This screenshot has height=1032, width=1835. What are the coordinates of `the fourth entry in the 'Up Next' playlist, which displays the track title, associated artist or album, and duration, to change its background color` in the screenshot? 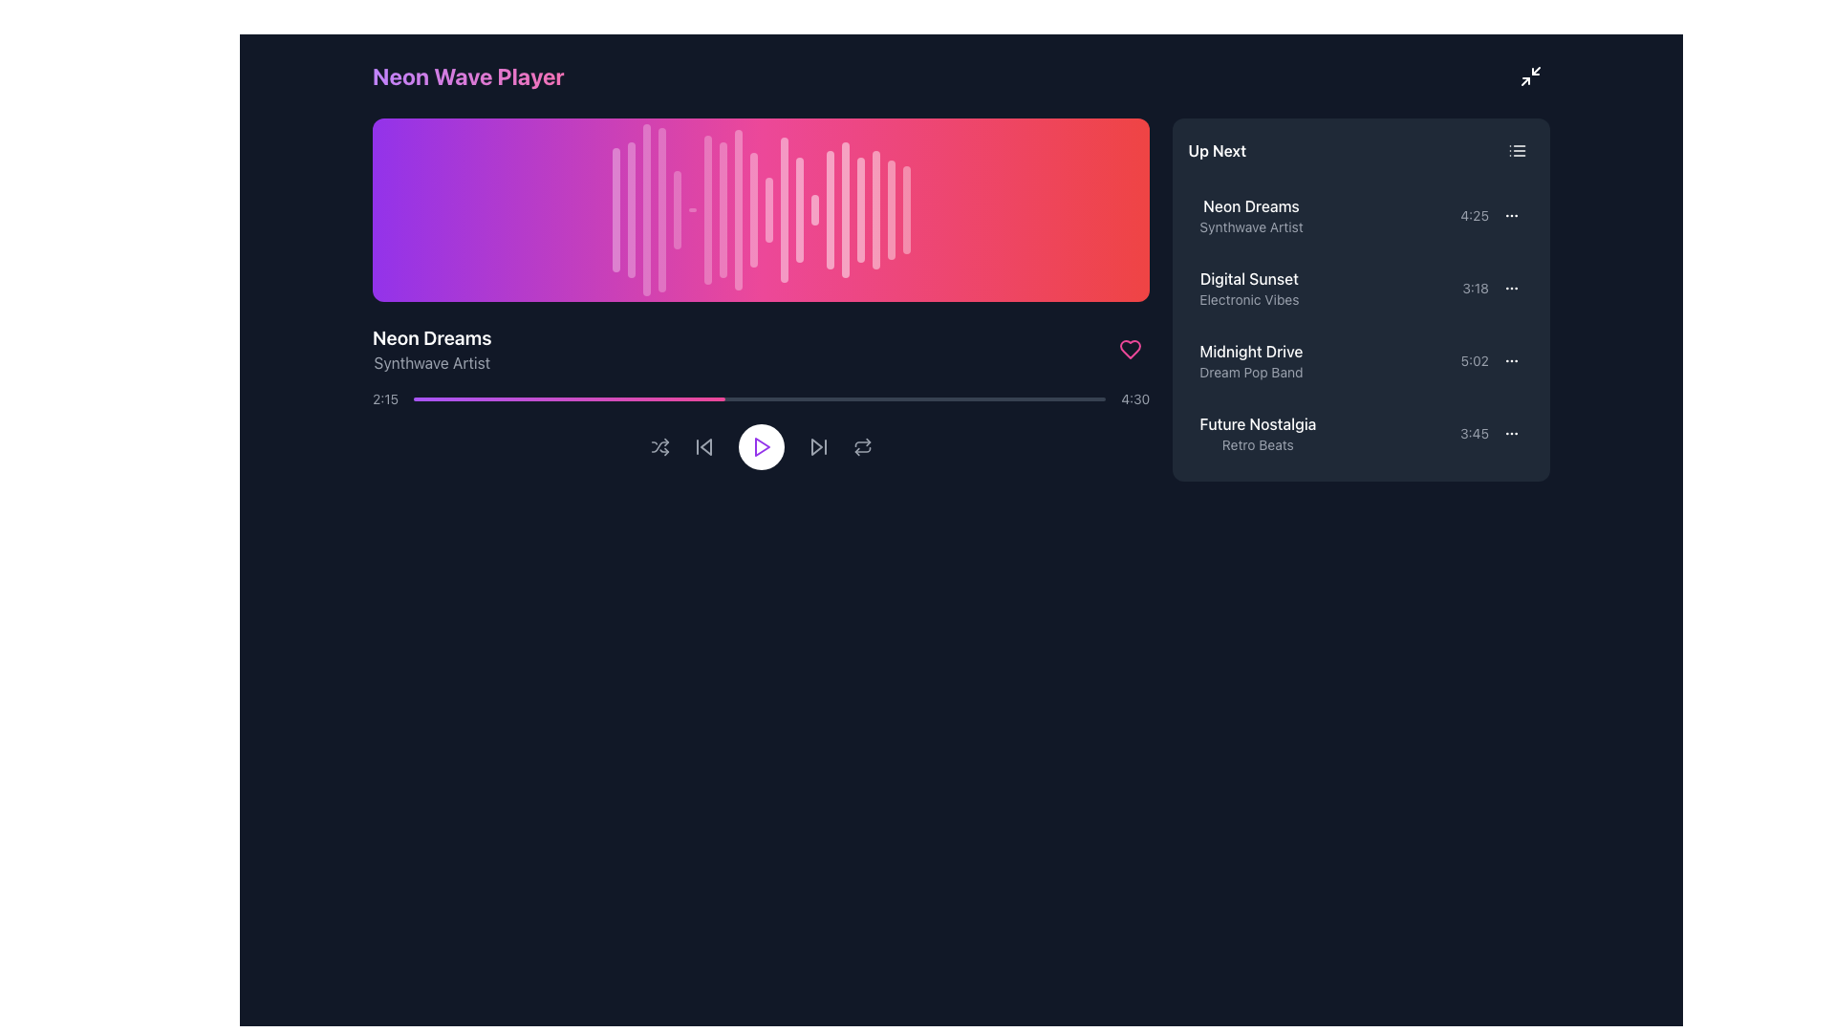 It's located at (1360, 434).